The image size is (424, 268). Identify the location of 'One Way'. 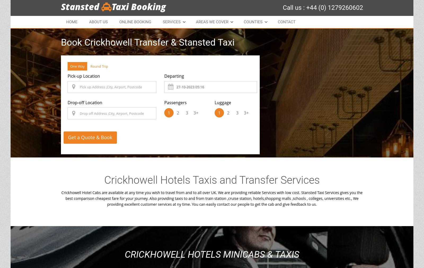
(77, 66).